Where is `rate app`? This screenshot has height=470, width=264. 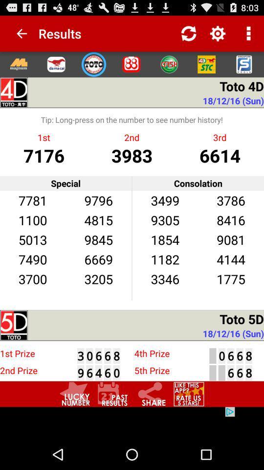
rate app is located at coordinates (189, 394).